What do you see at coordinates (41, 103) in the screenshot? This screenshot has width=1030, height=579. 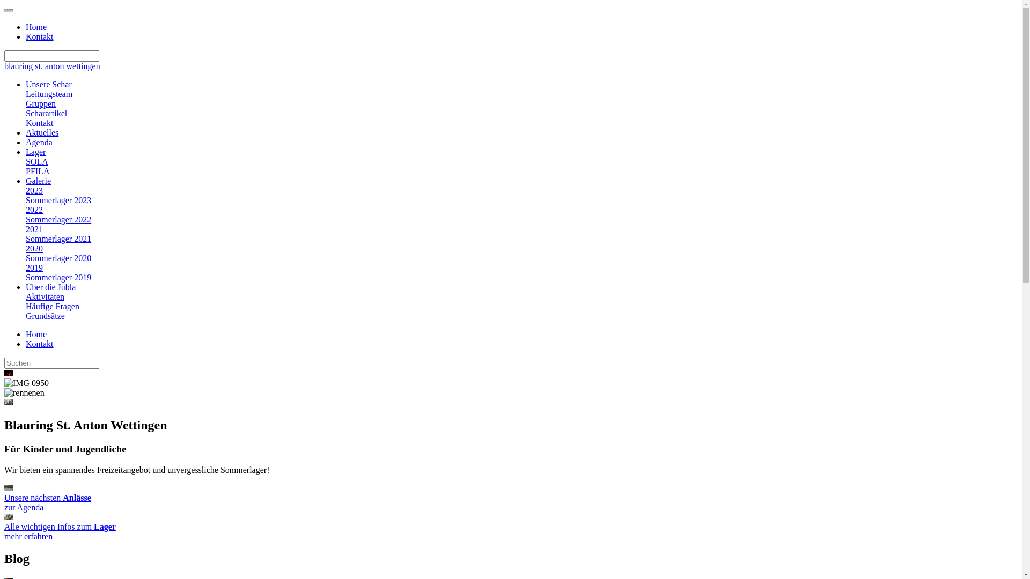 I see `'Gruppen'` at bounding box center [41, 103].